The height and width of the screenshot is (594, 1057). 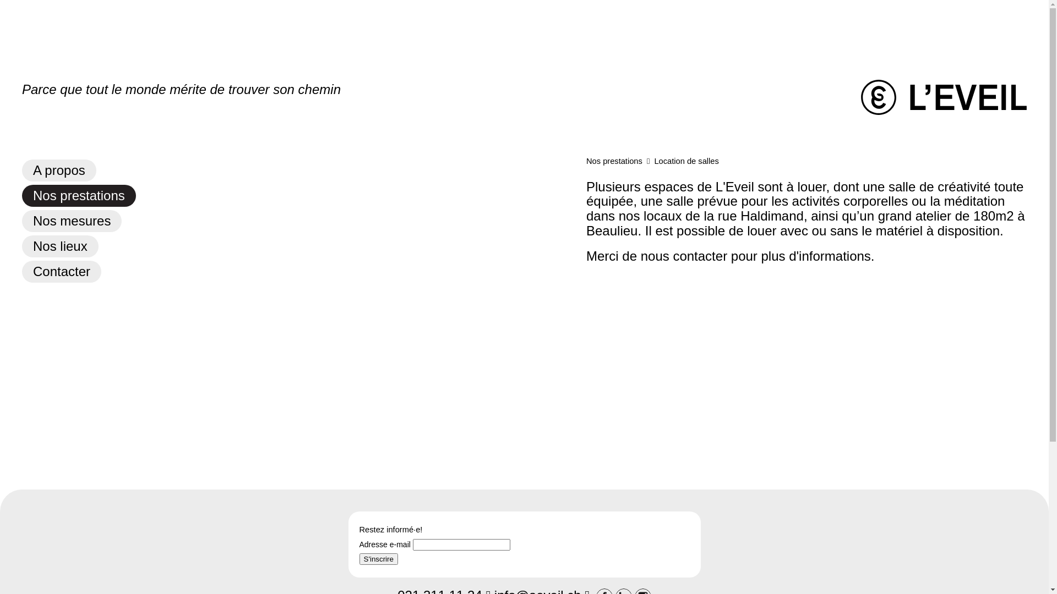 I want to click on 'A propos', so click(x=58, y=170).